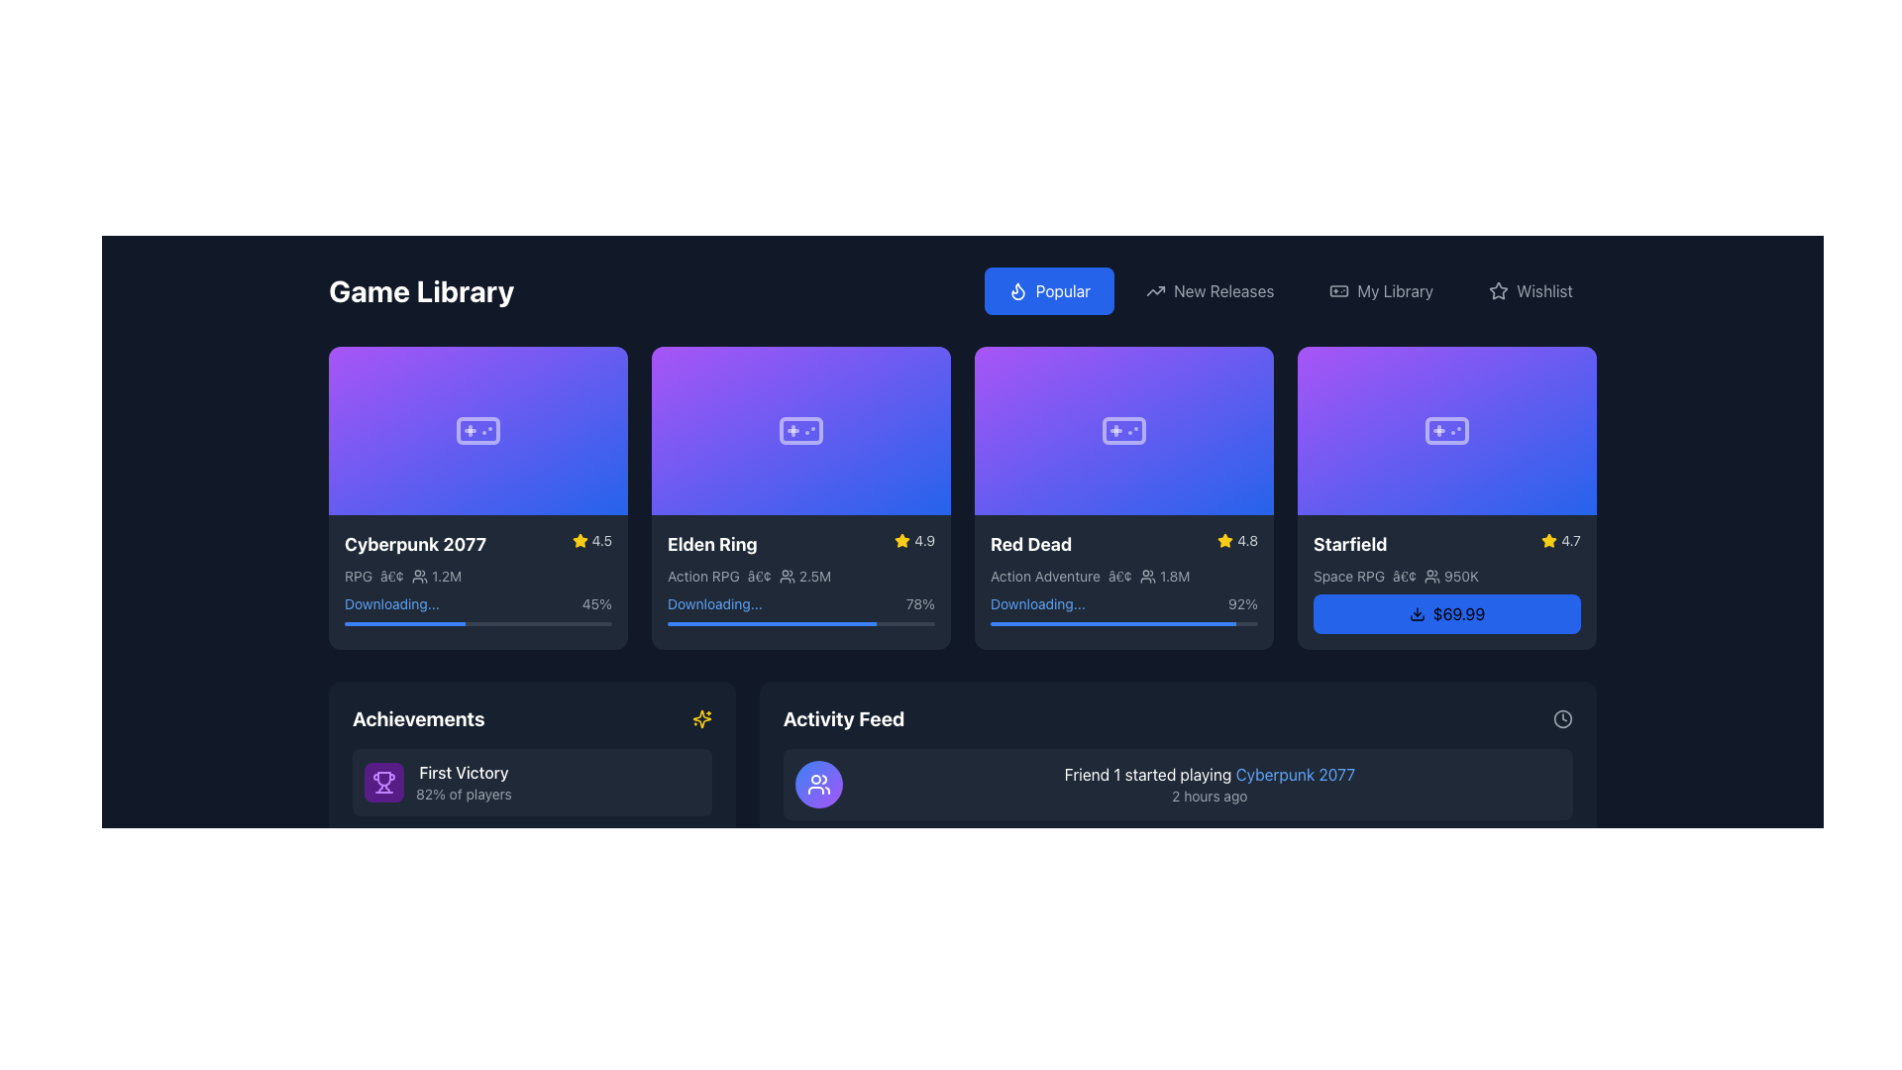 The image size is (1902, 1070). I want to click on the purchase or download button for the game 'Starfield' located in the bottom-right corner of the fourth game card in the top row of the game library grid, so click(1446, 611).